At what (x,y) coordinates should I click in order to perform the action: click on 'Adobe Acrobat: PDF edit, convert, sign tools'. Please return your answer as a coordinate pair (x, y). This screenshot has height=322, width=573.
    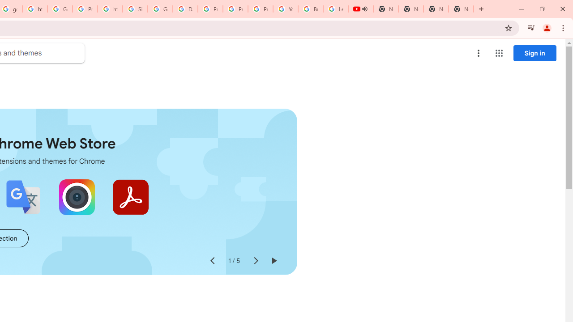
    Looking at the image, I should click on (130, 197).